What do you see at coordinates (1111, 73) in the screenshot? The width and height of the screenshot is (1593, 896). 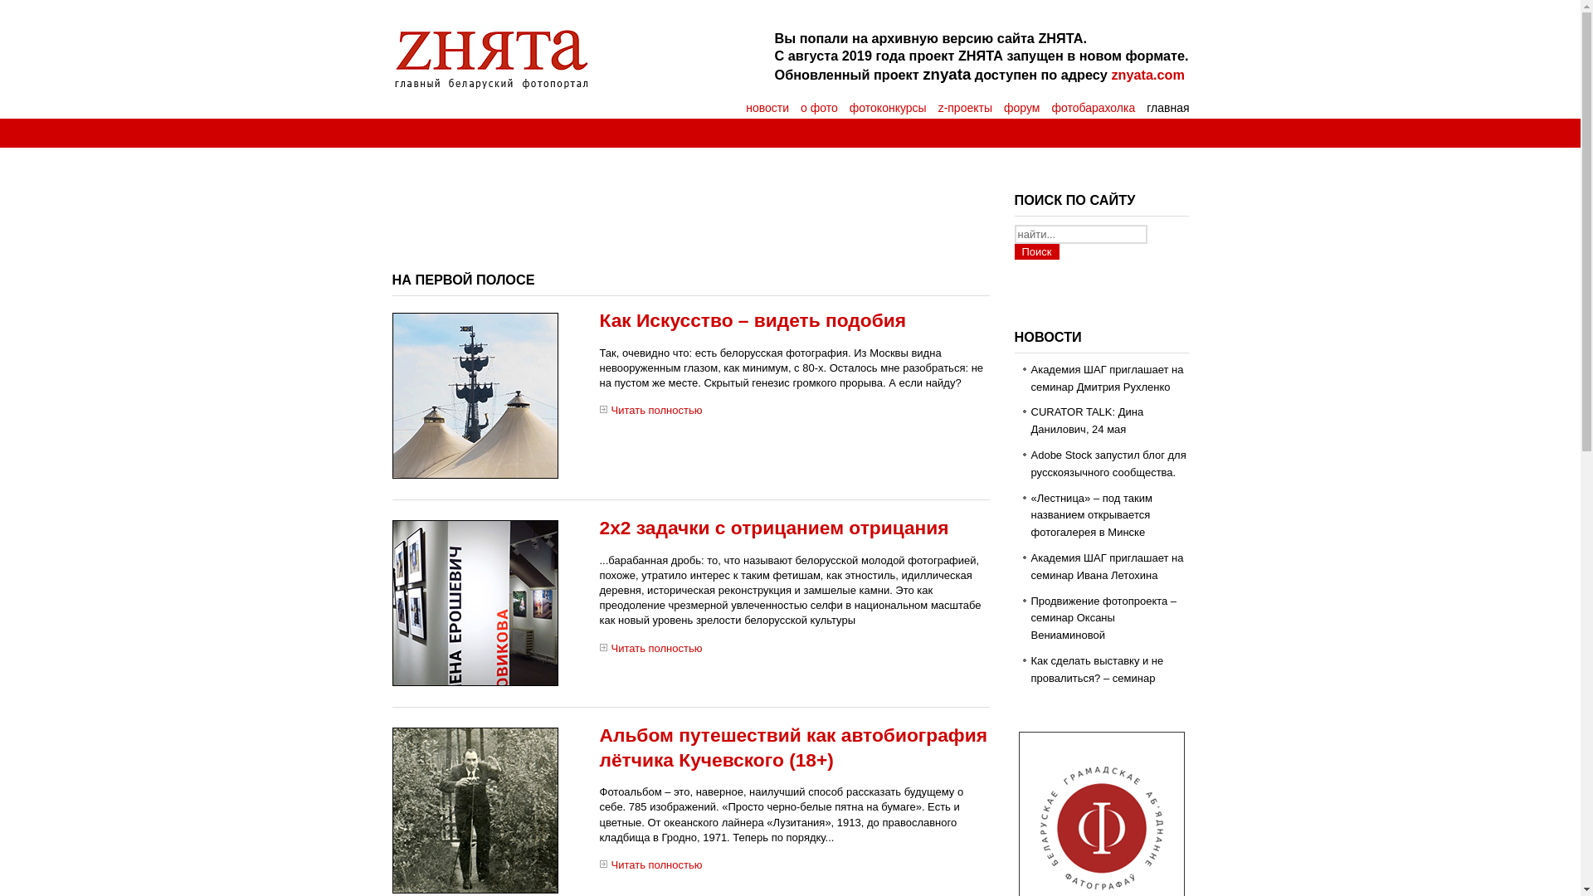 I see `'znyata.com'` at bounding box center [1111, 73].